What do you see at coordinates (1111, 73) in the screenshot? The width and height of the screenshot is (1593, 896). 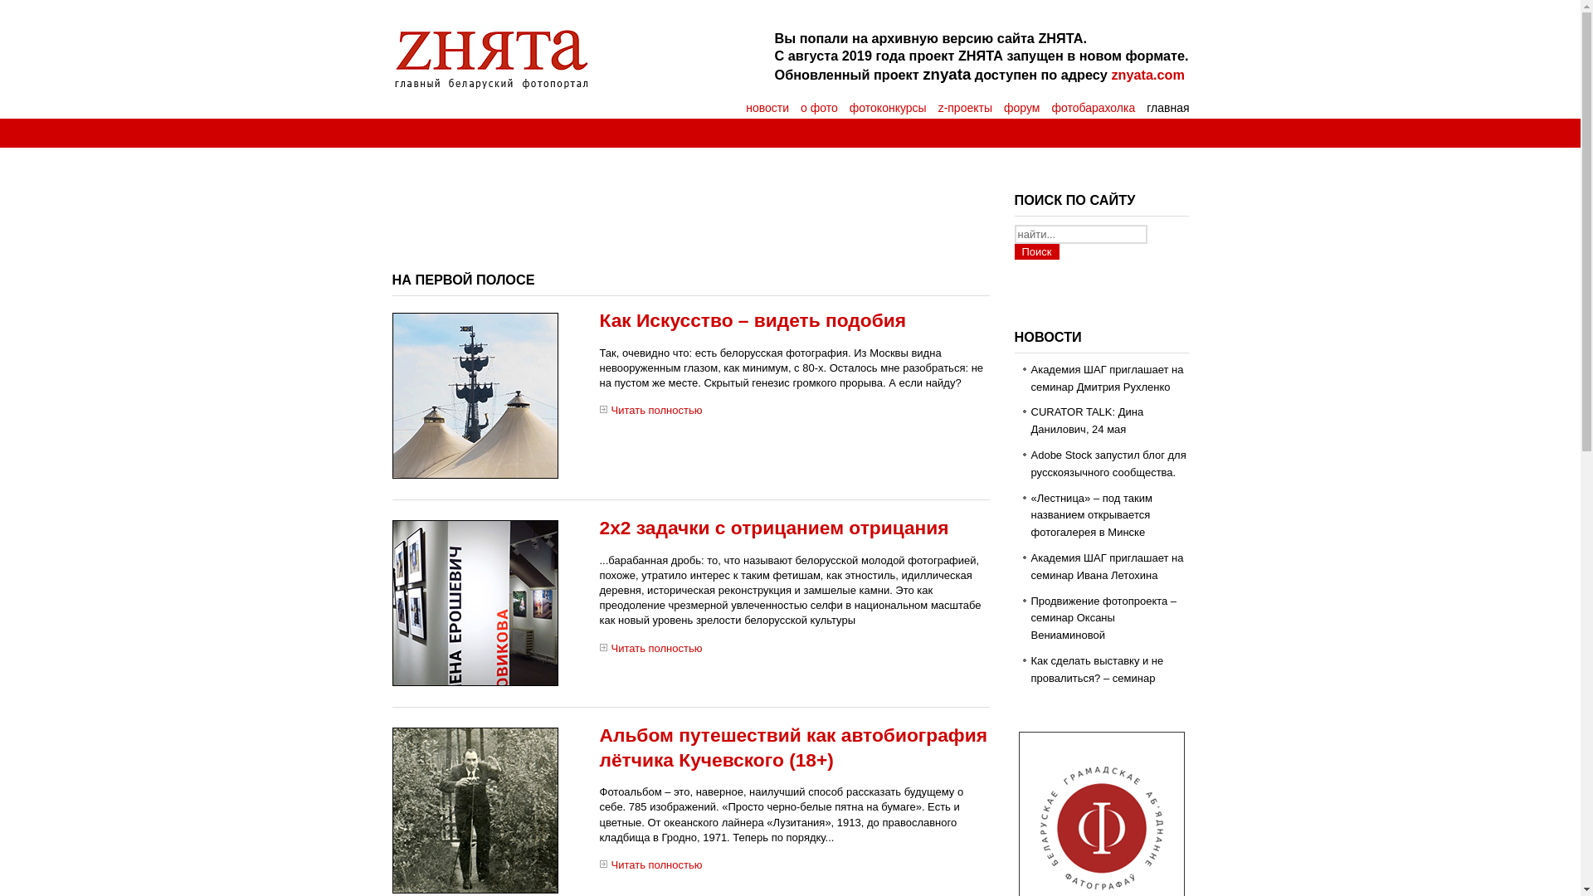 I see `'znyata.com'` at bounding box center [1111, 73].